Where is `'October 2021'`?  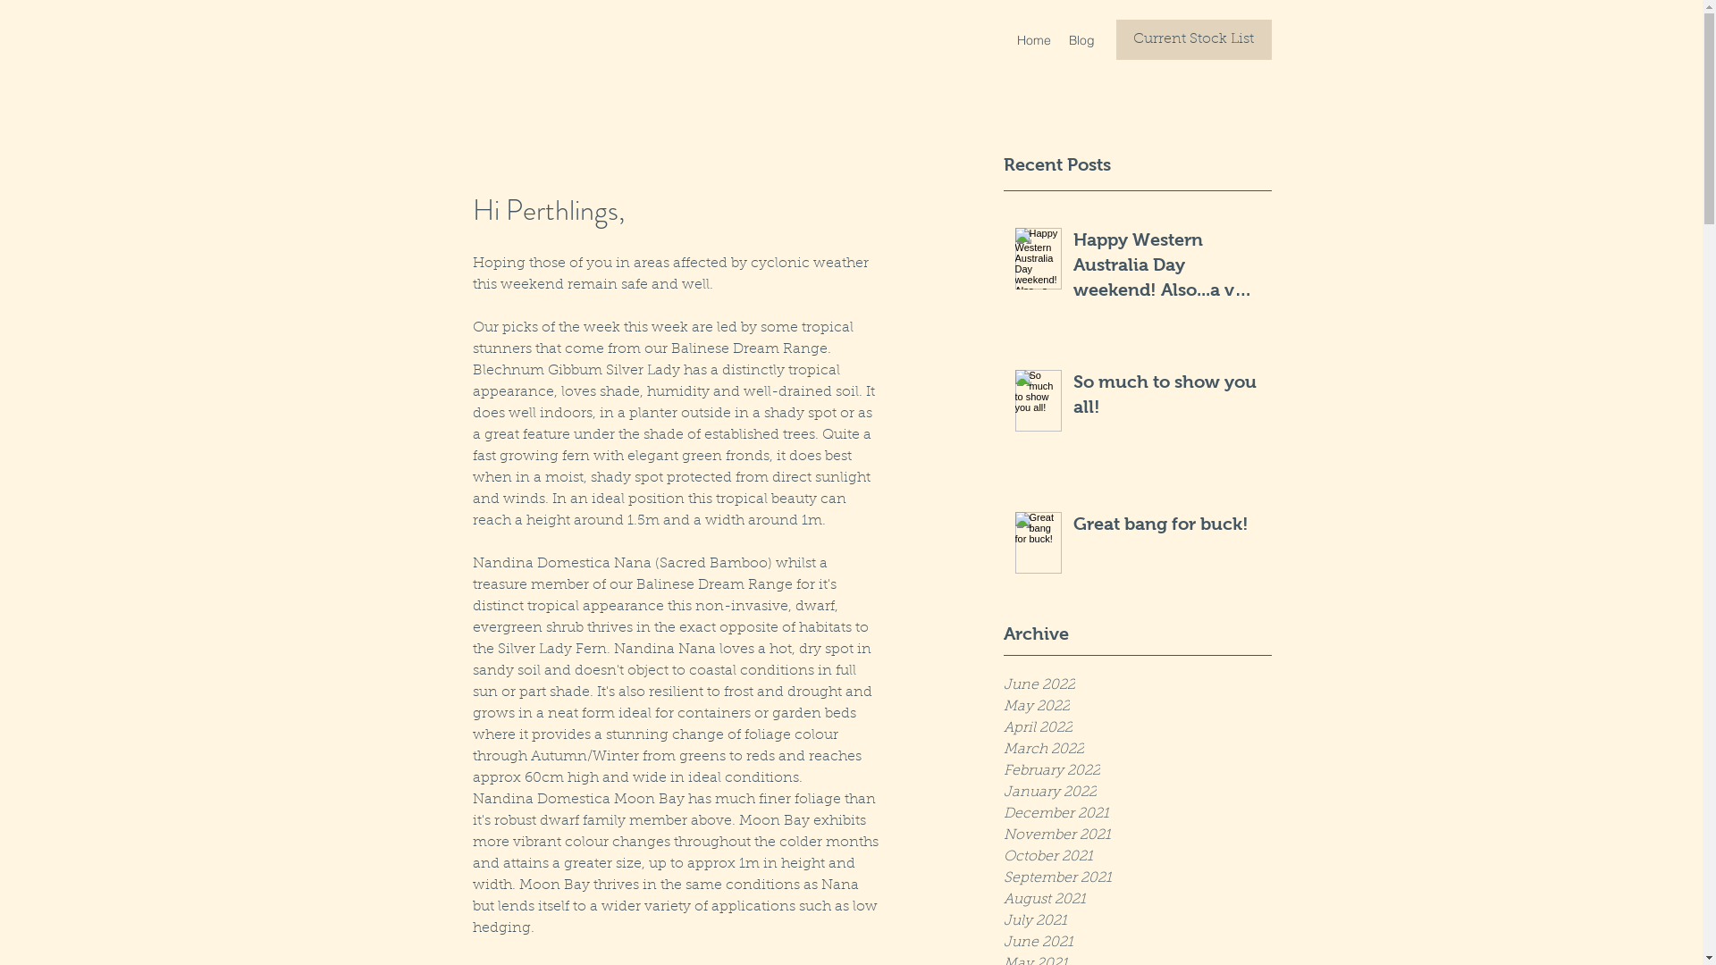
'October 2021' is located at coordinates (1136, 856).